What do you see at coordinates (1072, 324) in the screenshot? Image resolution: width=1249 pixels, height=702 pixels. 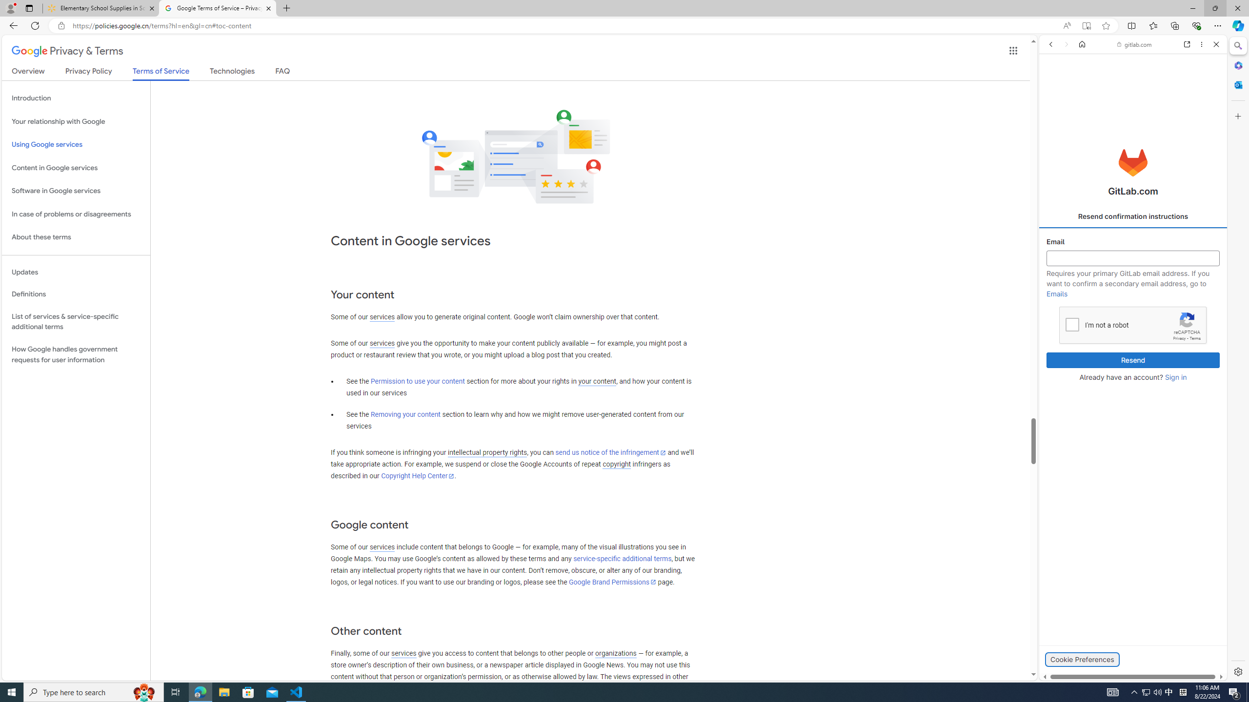 I see `'I'` at bounding box center [1072, 324].